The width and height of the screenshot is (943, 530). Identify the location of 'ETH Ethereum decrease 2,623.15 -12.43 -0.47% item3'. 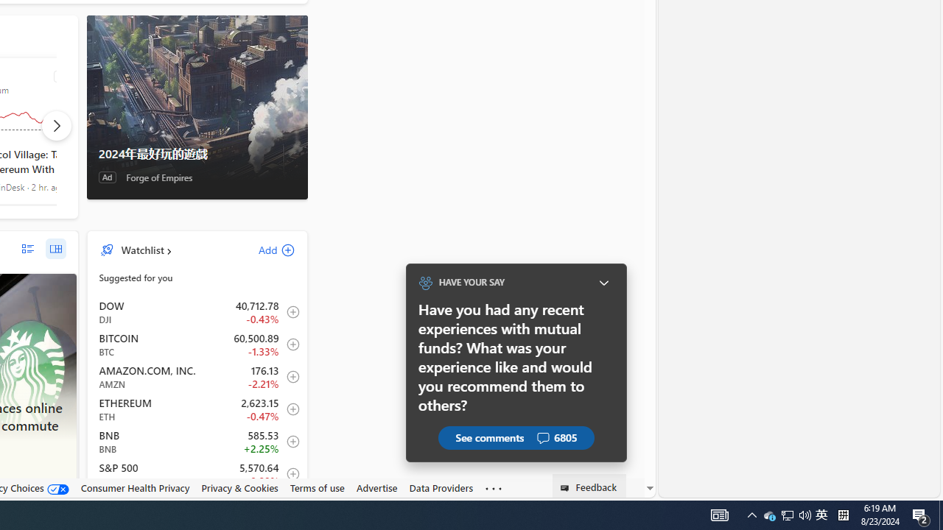
(197, 409).